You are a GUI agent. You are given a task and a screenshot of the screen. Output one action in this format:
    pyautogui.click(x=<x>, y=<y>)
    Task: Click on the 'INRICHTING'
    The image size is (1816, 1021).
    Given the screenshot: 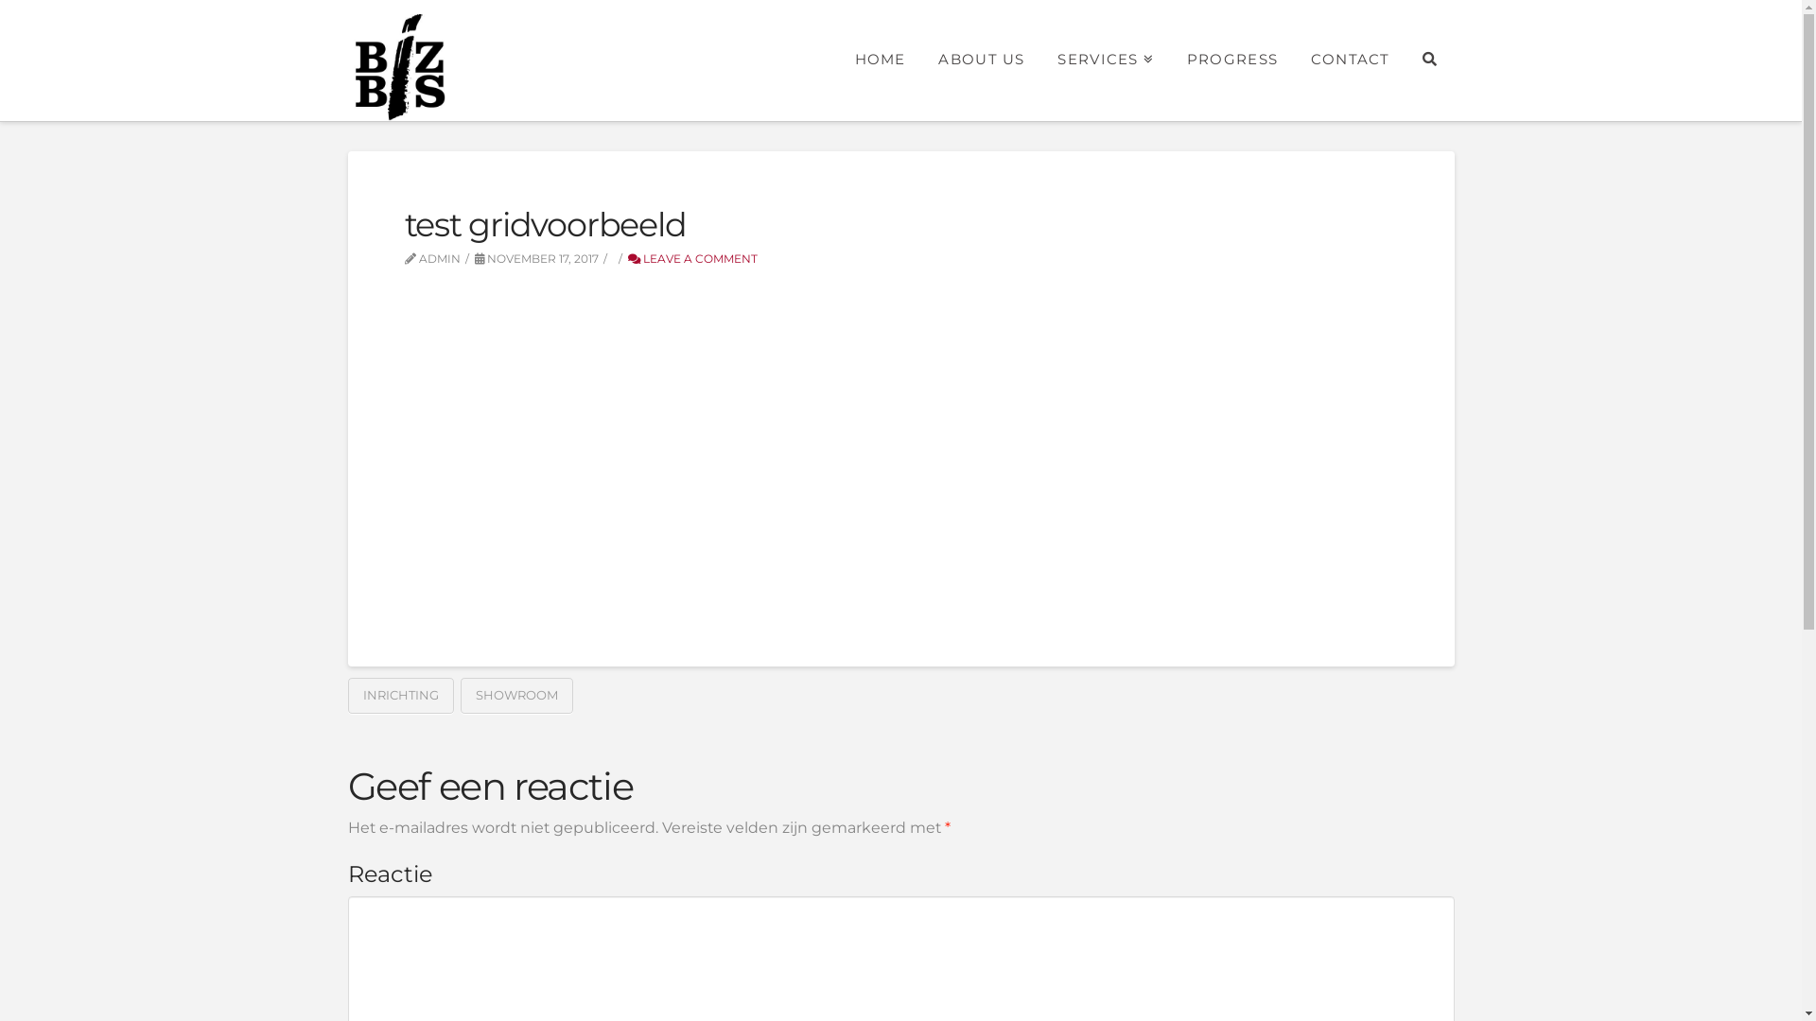 What is the action you would take?
    pyautogui.click(x=399, y=696)
    